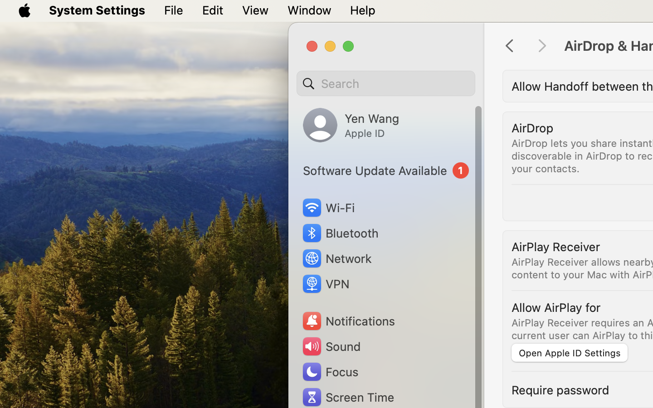 The height and width of the screenshot is (408, 653). Describe the element at coordinates (336, 258) in the screenshot. I see `'Network'` at that location.